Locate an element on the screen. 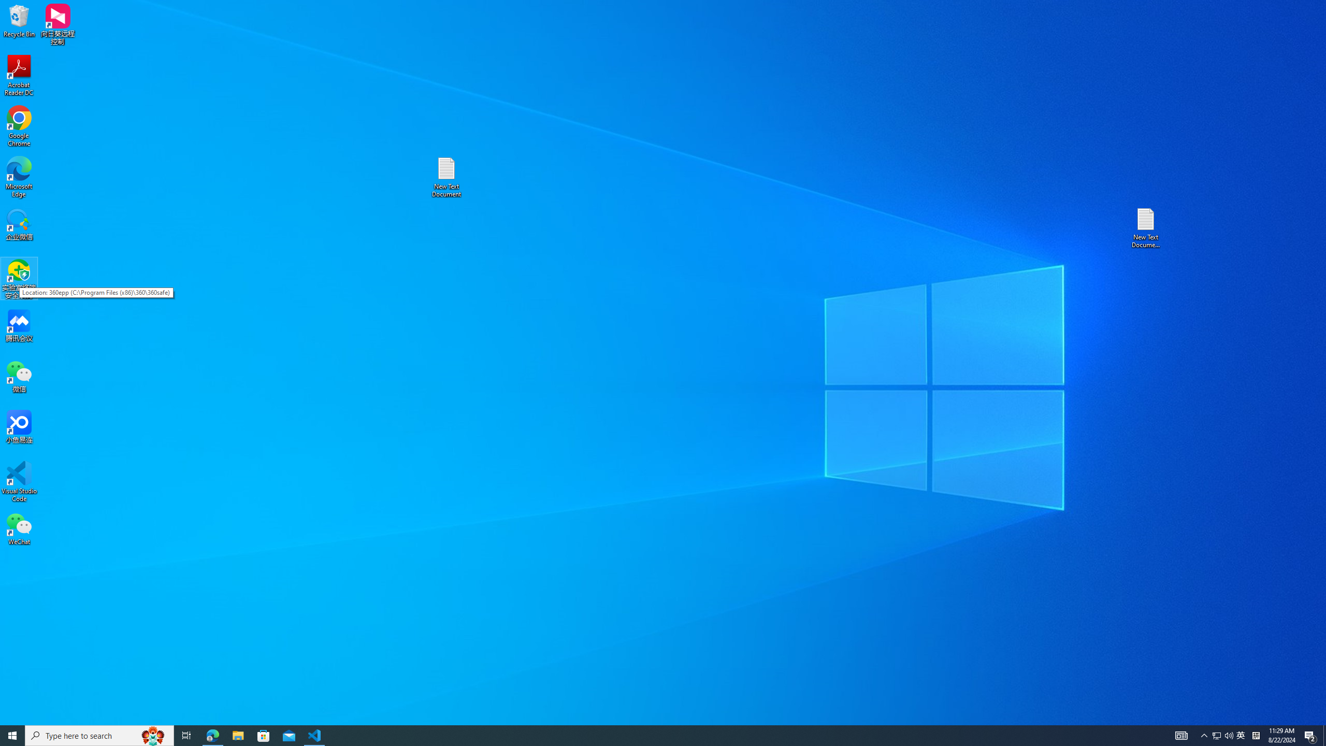  'User Promoted Notification Area' is located at coordinates (1222, 735).